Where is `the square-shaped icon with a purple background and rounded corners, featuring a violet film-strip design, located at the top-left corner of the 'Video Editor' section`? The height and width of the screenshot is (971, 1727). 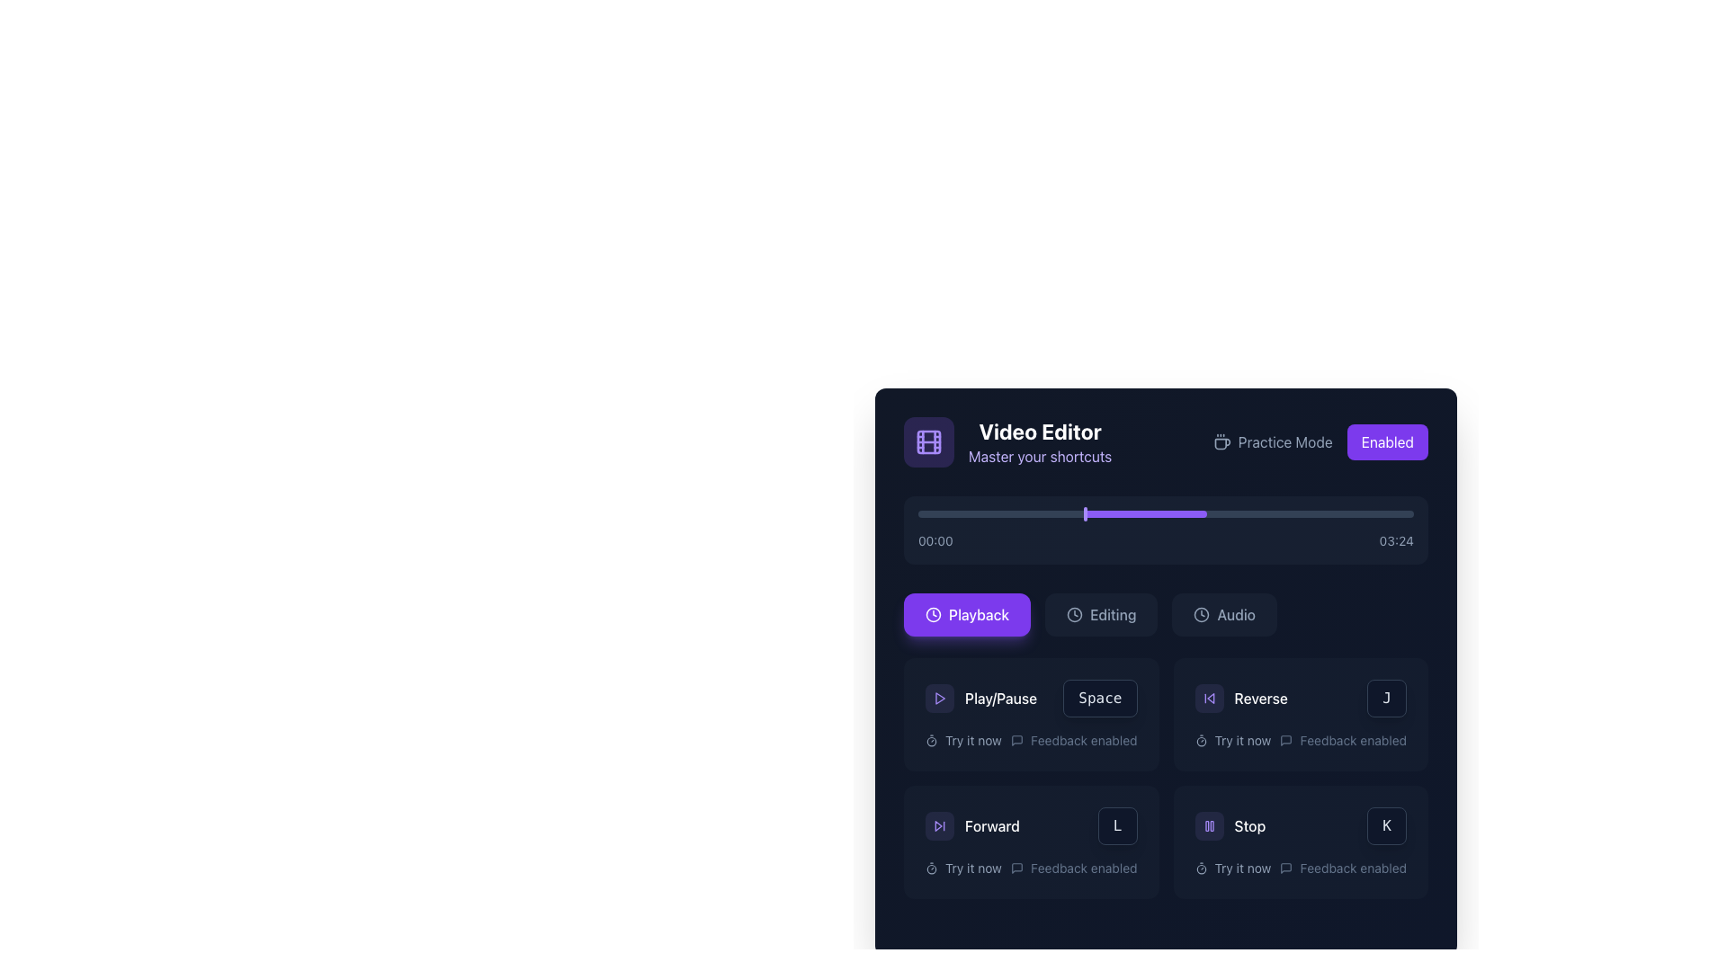 the square-shaped icon with a purple background and rounded corners, featuring a violet film-strip design, located at the top-left corner of the 'Video Editor' section is located at coordinates (928, 442).